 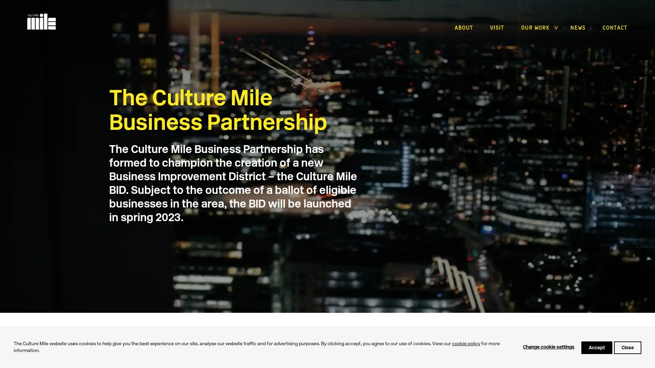 What do you see at coordinates (596, 347) in the screenshot?
I see `Accept` at bounding box center [596, 347].